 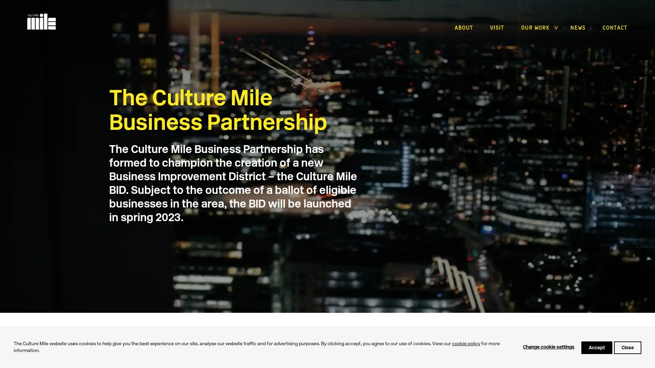 What do you see at coordinates (596, 347) in the screenshot?
I see `Accept` at bounding box center [596, 347].